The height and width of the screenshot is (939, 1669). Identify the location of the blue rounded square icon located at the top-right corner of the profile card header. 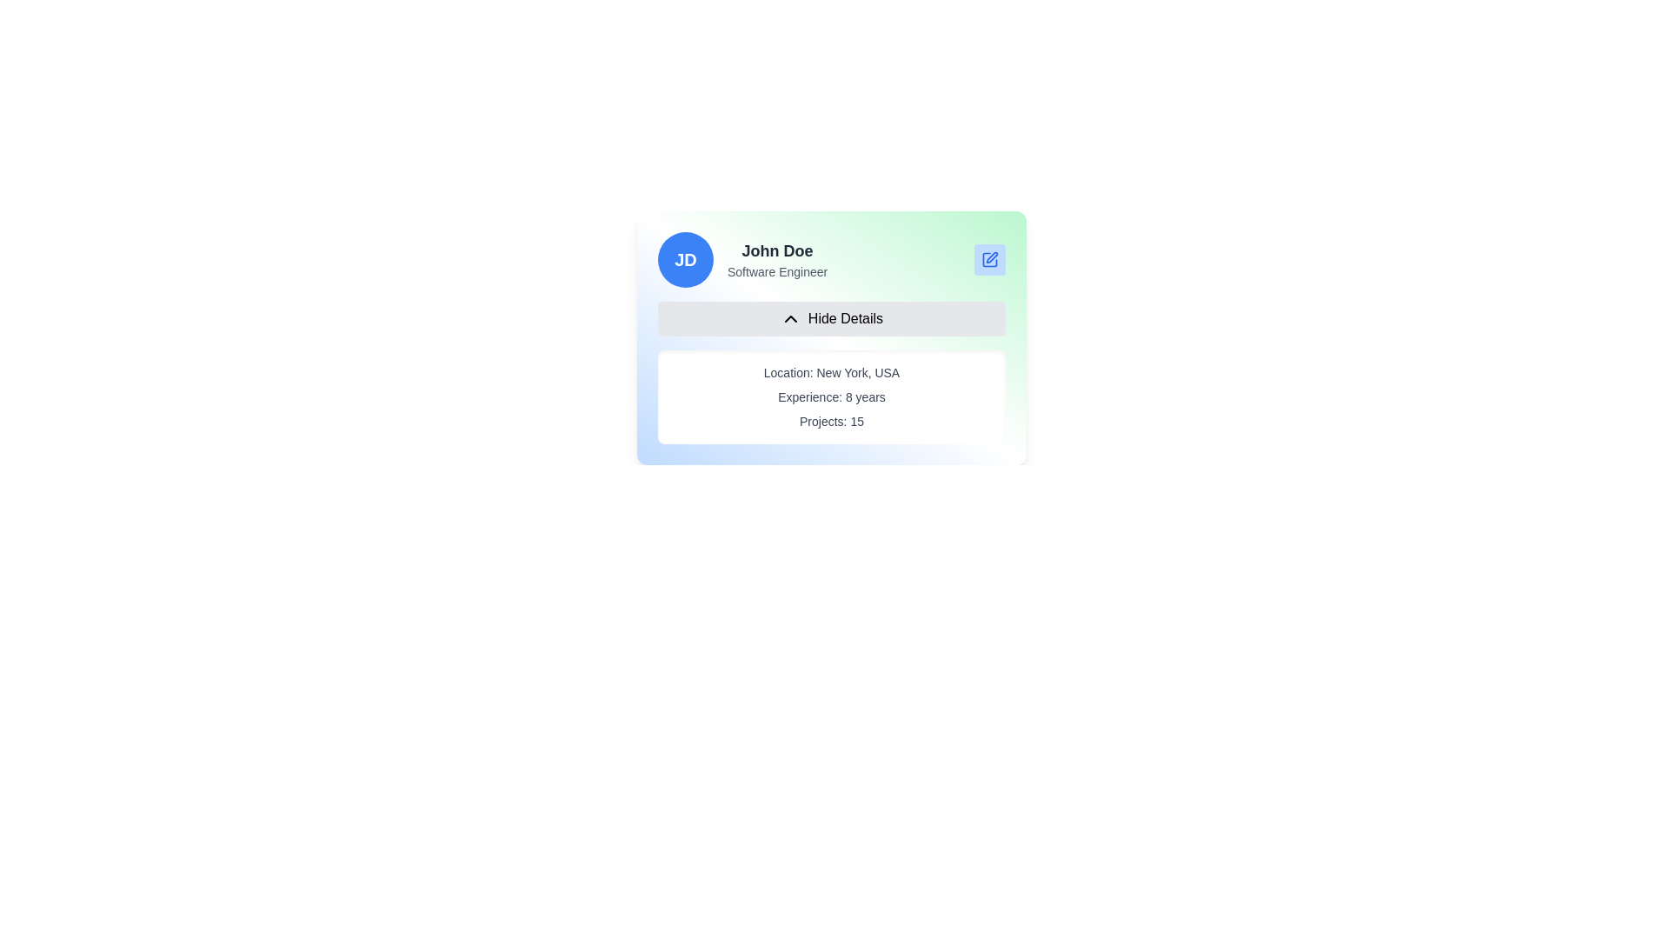
(989, 260).